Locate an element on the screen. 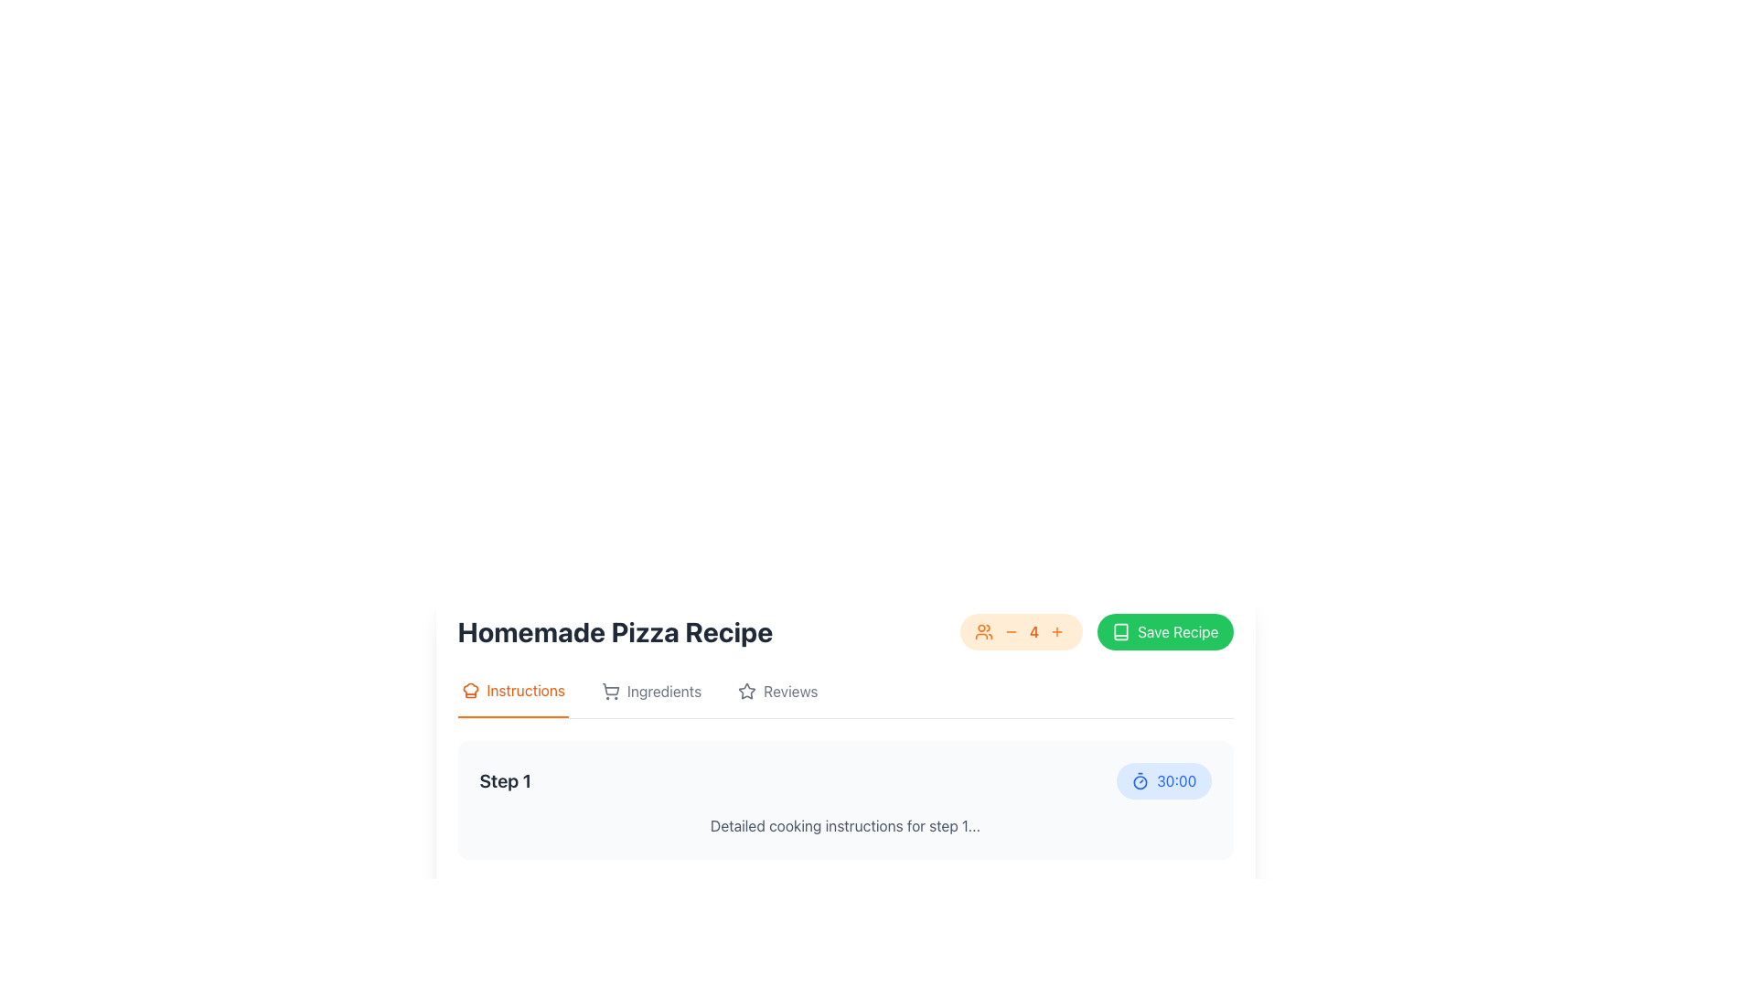 The width and height of the screenshot is (1756, 988). the black, stylized book icon located inside the green 'Save Recipe' button in the top-right section of the interface is located at coordinates (1120, 630).